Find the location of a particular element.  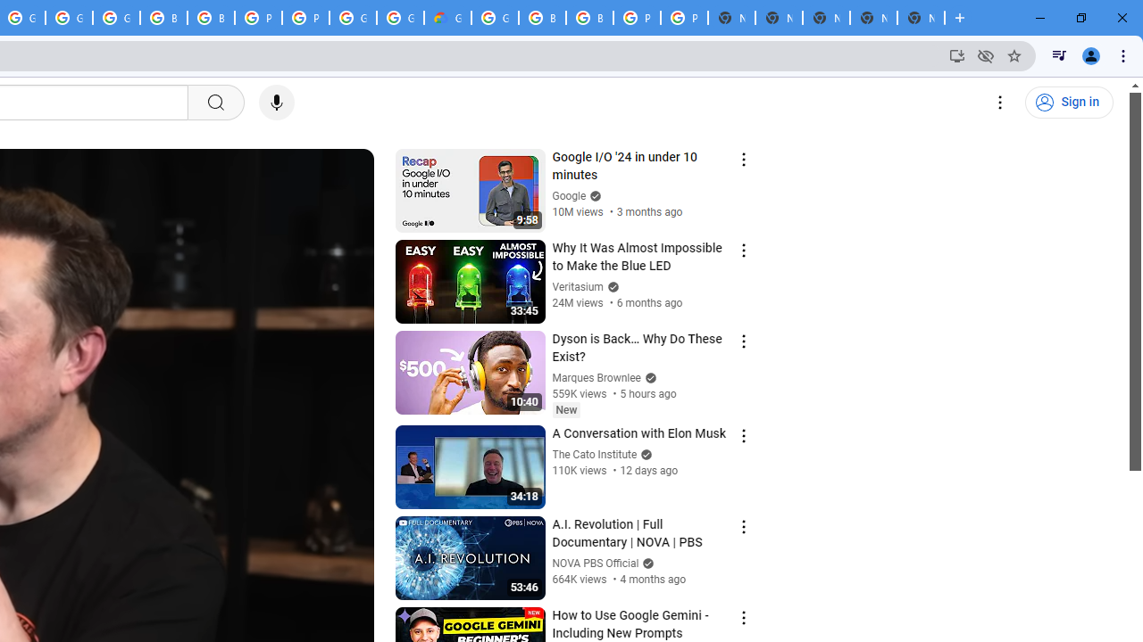

'Google Cloud Platform' is located at coordinates (353, 18).